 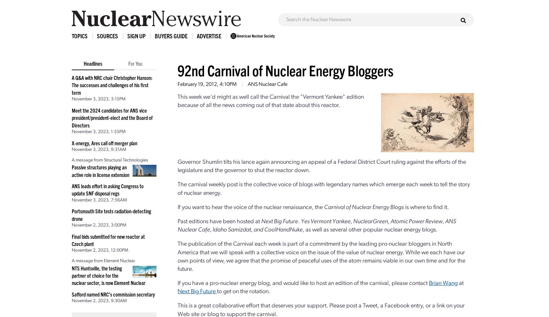 I want to click on 'November 3, 2023, 7:56AM', so click(x=99, y=199).